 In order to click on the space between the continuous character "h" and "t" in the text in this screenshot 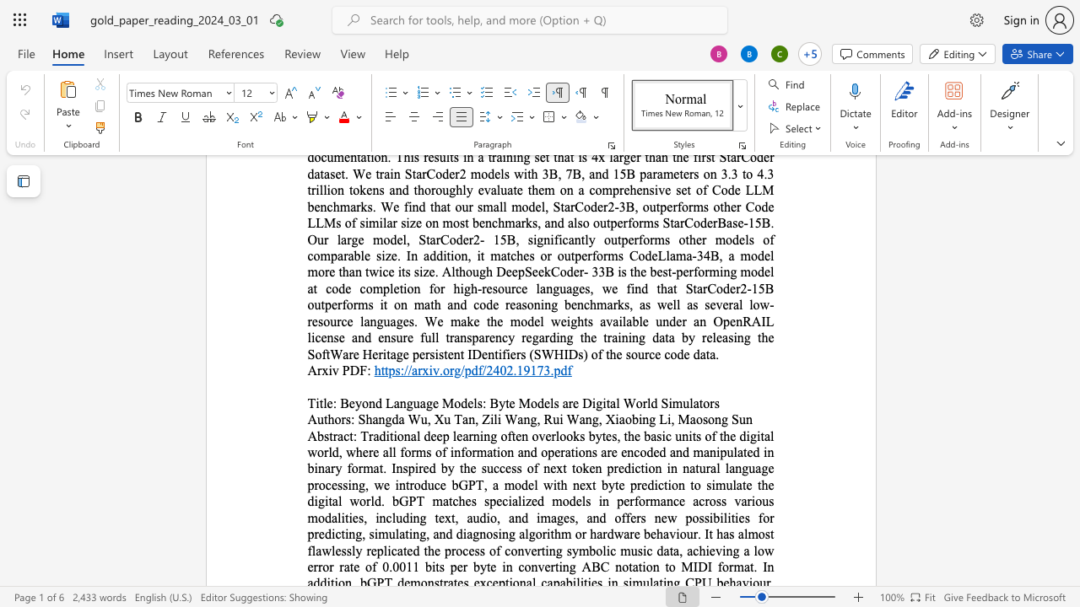, I will do `click(379, 369)`.